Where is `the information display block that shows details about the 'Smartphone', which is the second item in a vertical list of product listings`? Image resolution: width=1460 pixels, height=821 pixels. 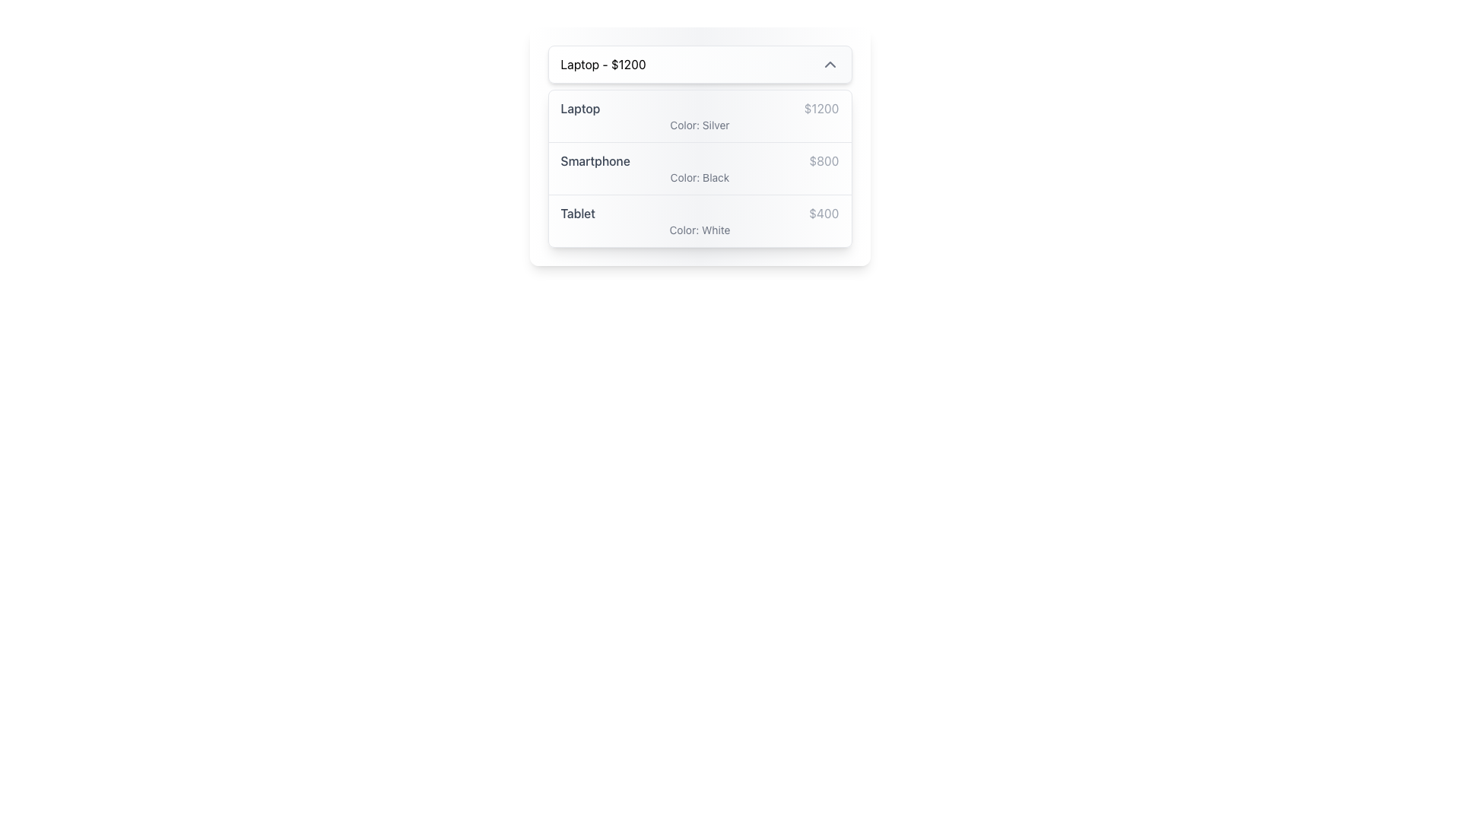 the information display block that shows details about the 'Smartphone', which is the second item in a vertical list of product listings is located at coordinates (699, 168).